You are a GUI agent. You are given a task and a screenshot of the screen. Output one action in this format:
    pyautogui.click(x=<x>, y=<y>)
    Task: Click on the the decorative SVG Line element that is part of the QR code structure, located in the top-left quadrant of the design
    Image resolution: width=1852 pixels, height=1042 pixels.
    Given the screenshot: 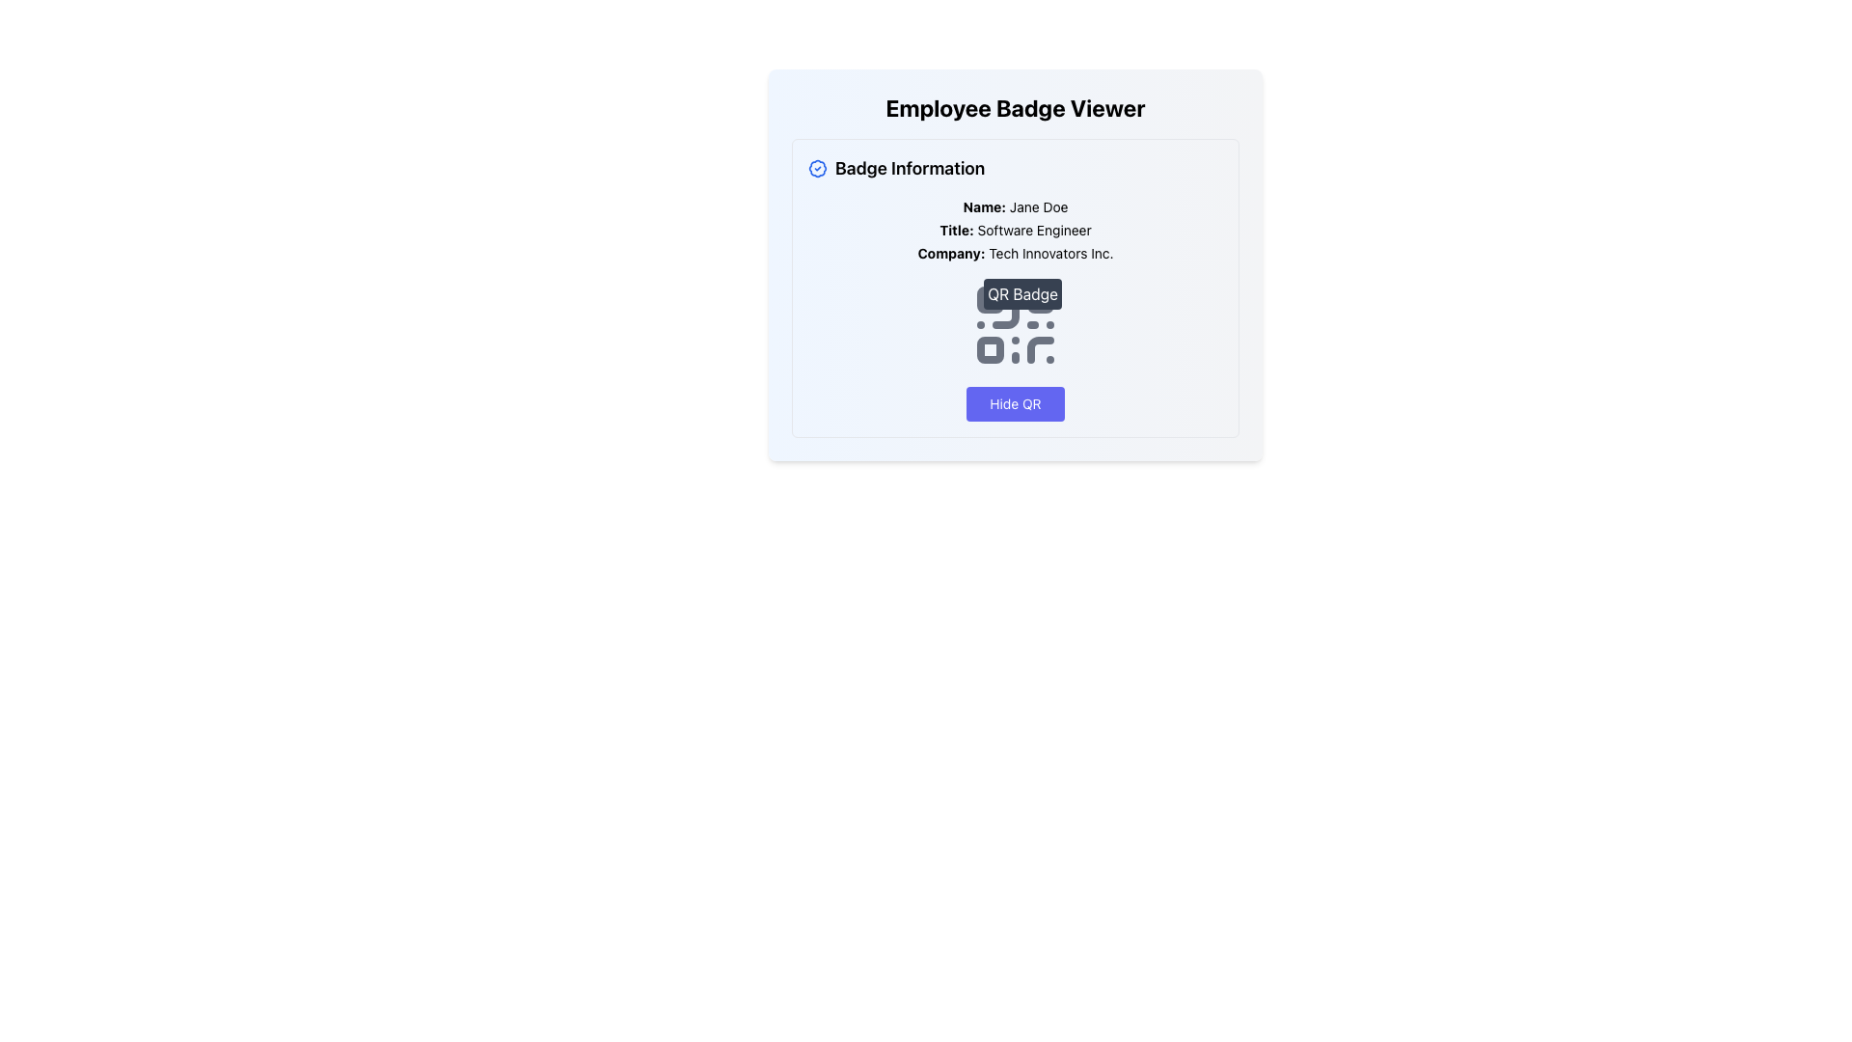 What is the action you would take?
    pyautogui.click(x=1004, y=315)
    